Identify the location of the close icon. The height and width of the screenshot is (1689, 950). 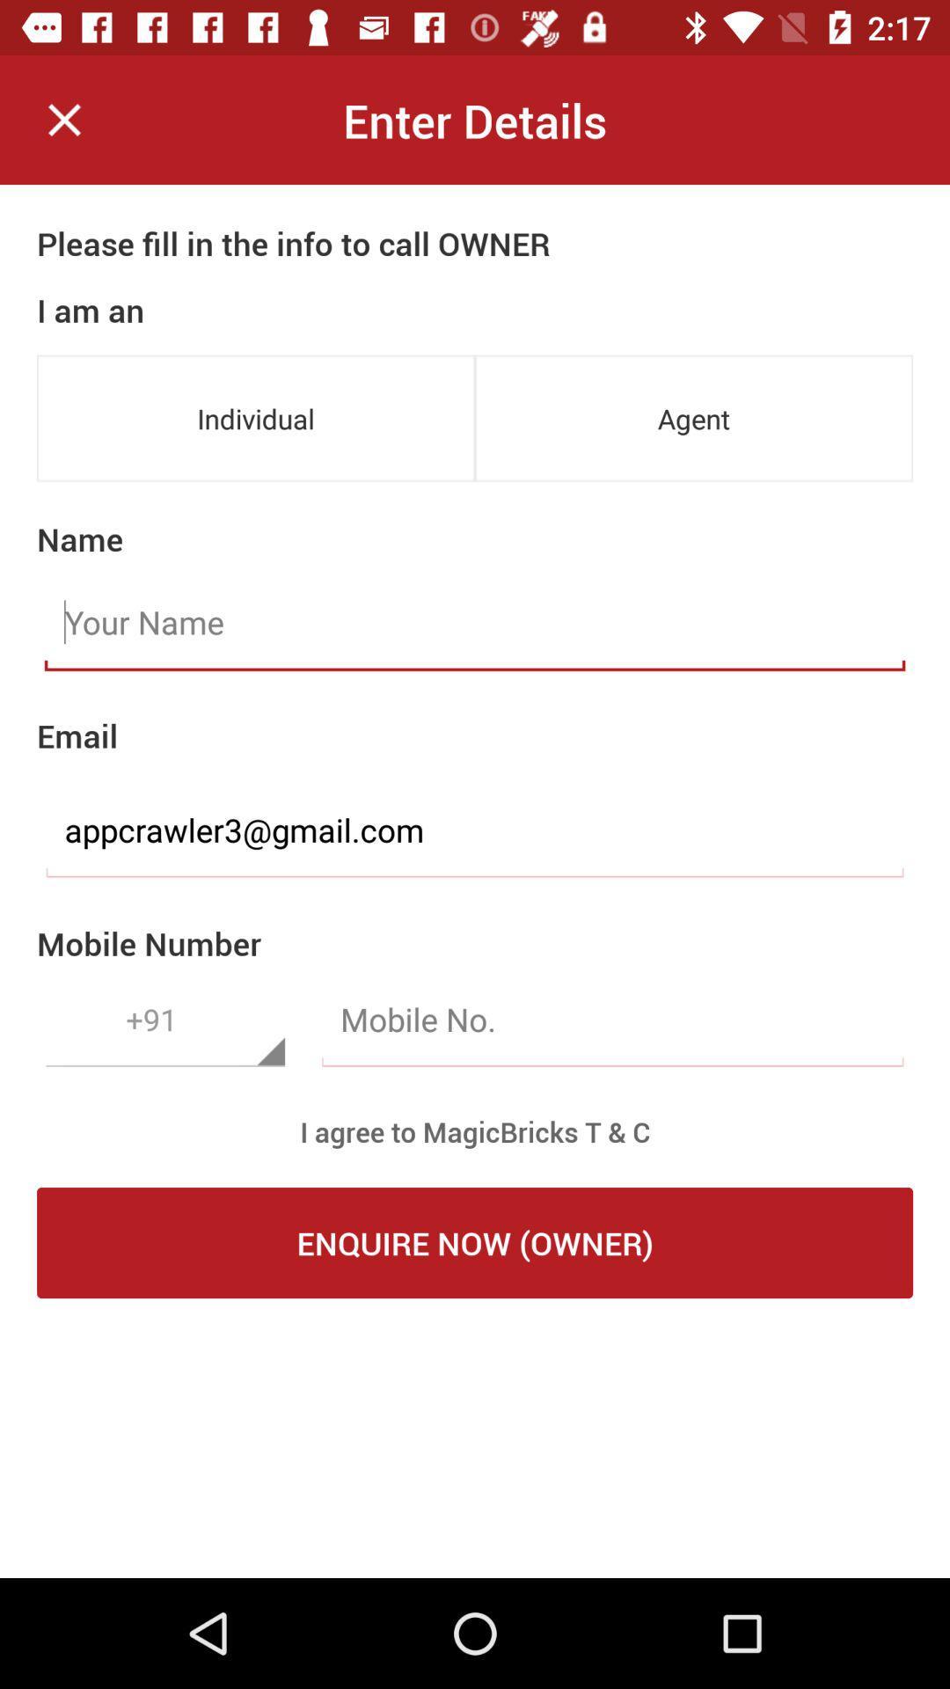
(63, 128).